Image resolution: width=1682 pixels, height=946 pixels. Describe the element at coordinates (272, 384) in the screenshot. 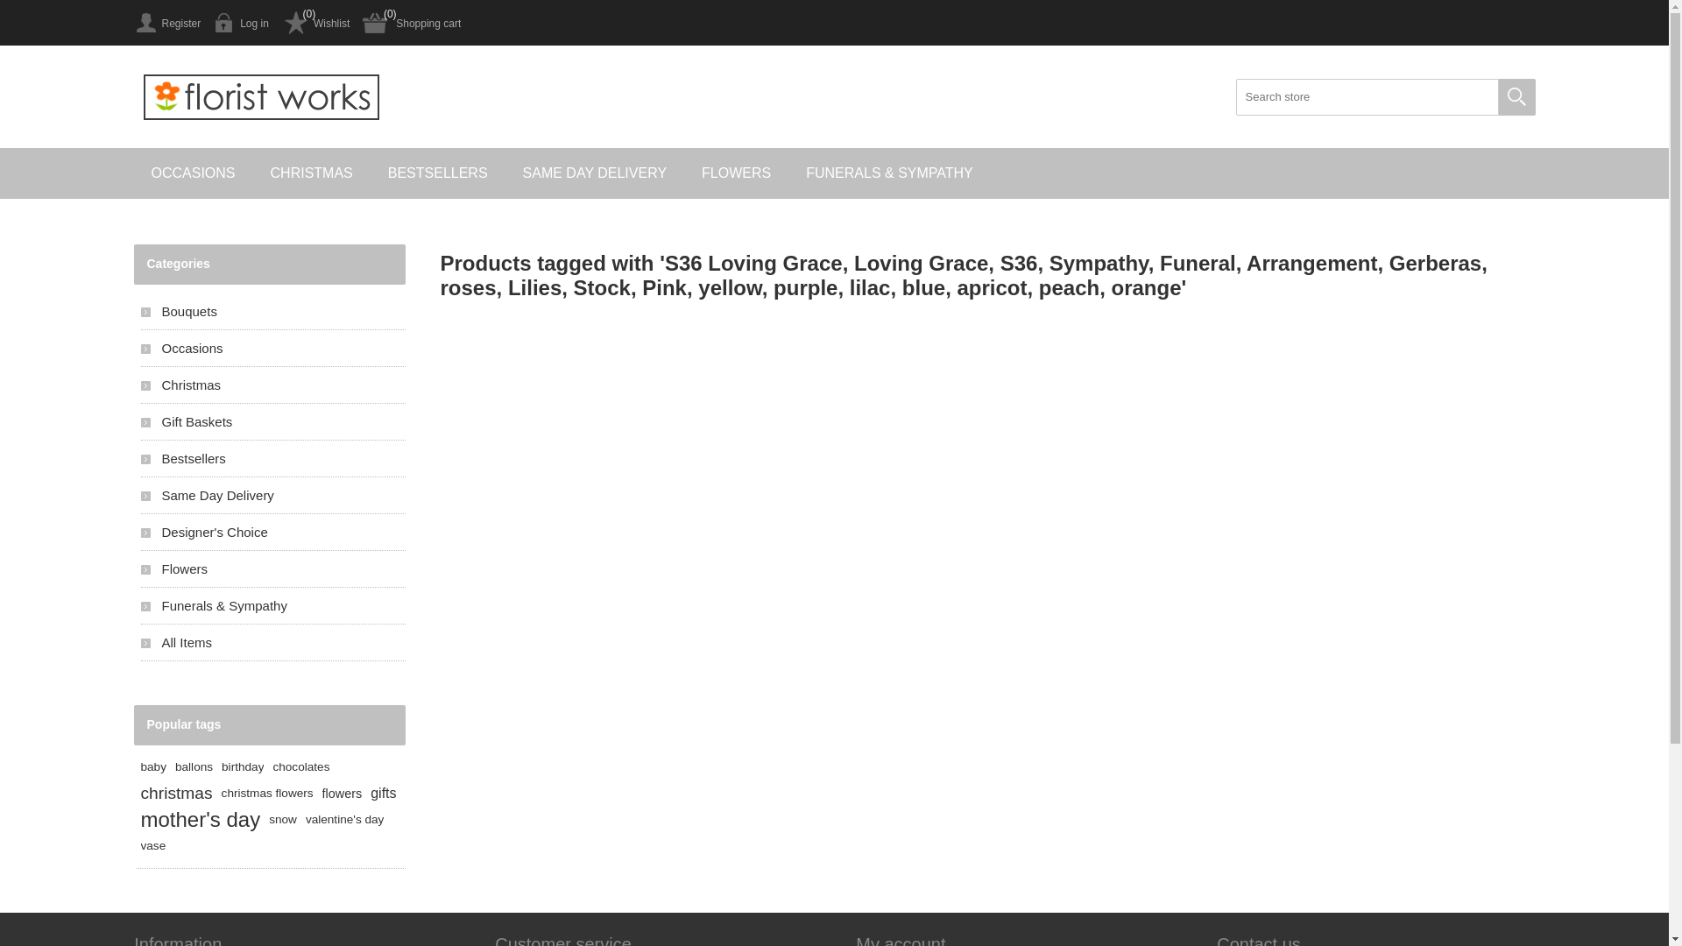

I see `'Christmas'` at that location.